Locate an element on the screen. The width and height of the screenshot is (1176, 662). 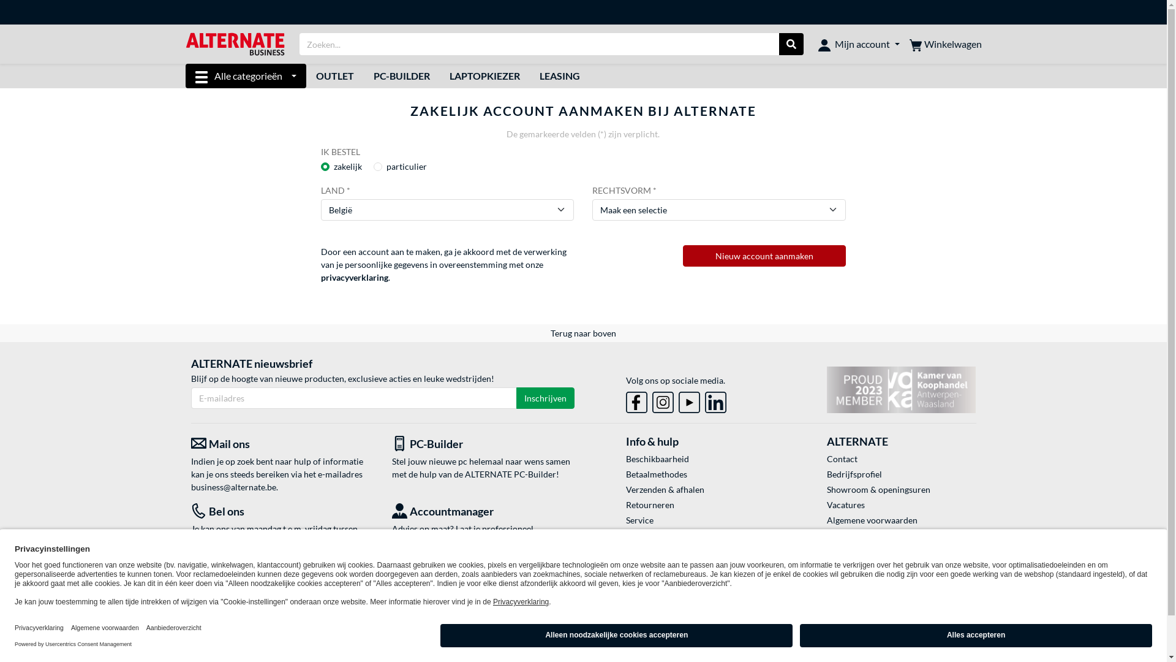
'Facebook' is located at coordinates (636, 402).